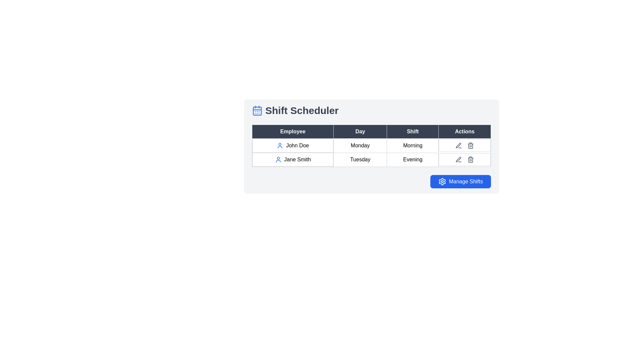 This screenshot has width=640, height=360. Describe the element at coordinates (458, 145) in the screenshot. I see `the edit icon represented by a pen-like graphic in the 'Actions' column of the second row of the table` at that location.